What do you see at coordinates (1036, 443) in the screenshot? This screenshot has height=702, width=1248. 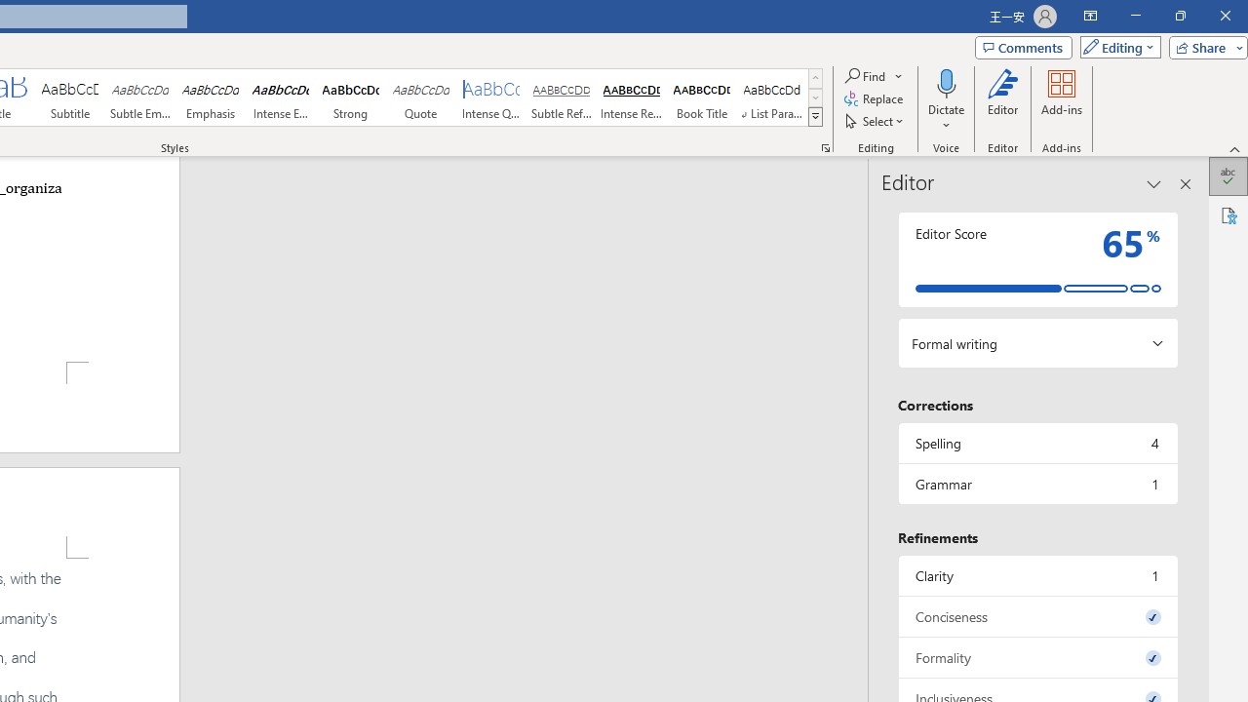 I see `'Spelling, 4 issues. Press space or enter to review items.'` at bounding box center [1036, 443].